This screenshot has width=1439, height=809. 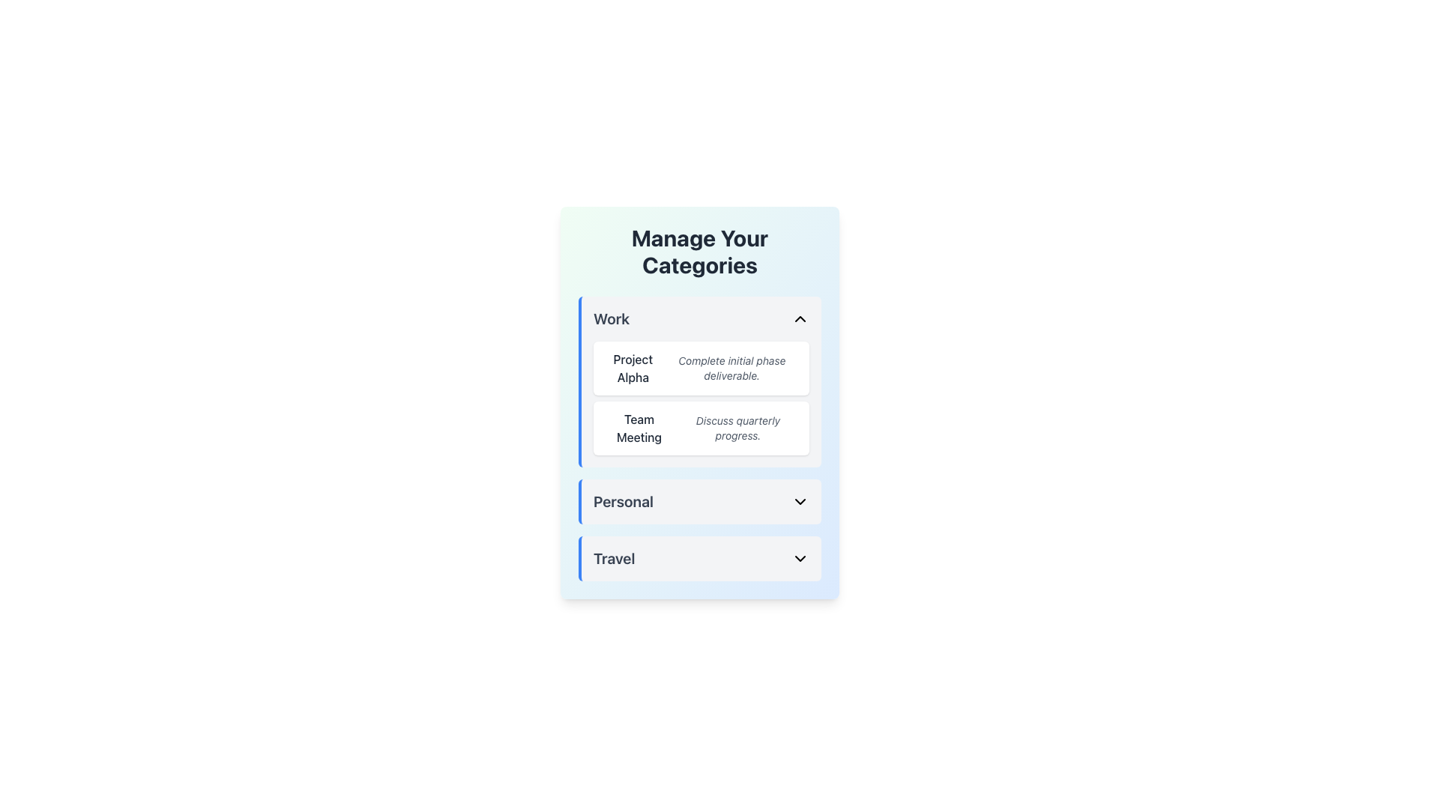 What do you see at coordinates (800, 502) in the screenshot?
I see `the downward-pointing chevron icon next to the 'Personal' label` at bounding box center [800, 502].